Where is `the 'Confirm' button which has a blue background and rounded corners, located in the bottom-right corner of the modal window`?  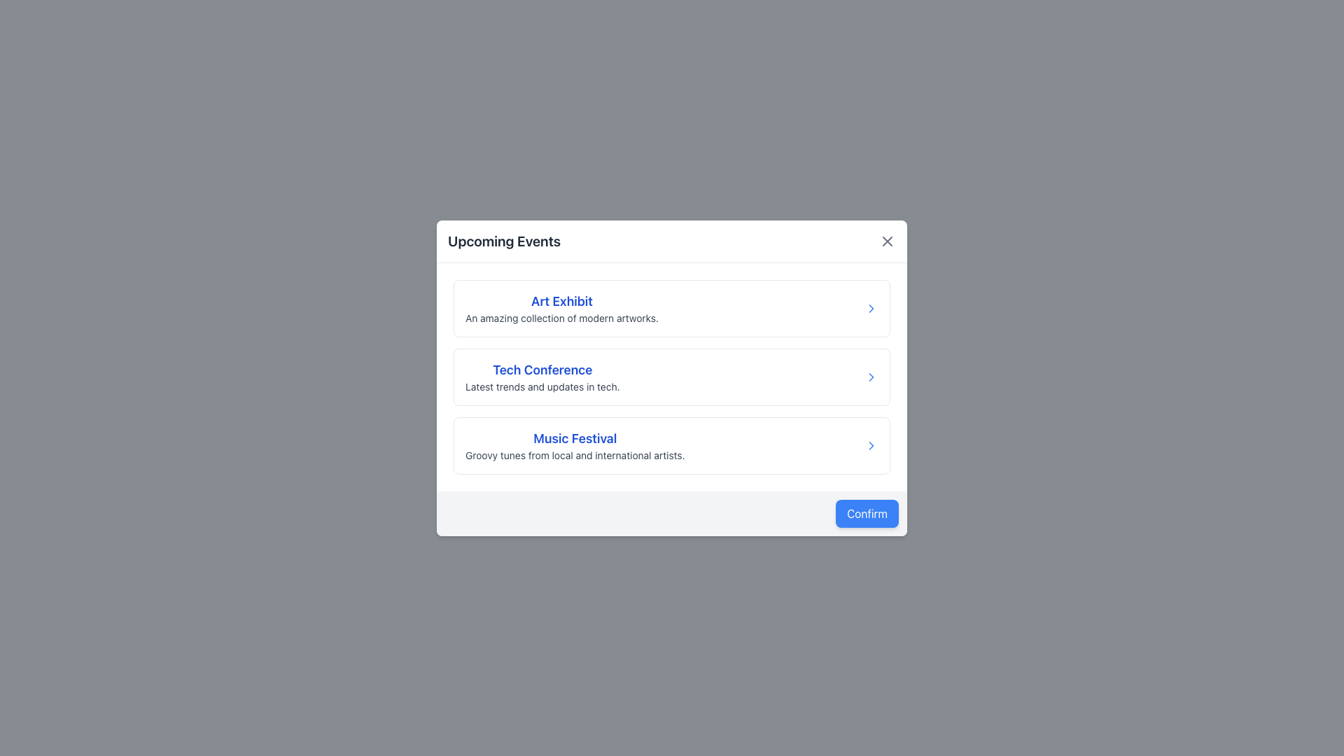
the 'Confirm' button which has a blue background and rounded corners, located in the bottom-right corner of the modal window is located at coordinates (866, 513).